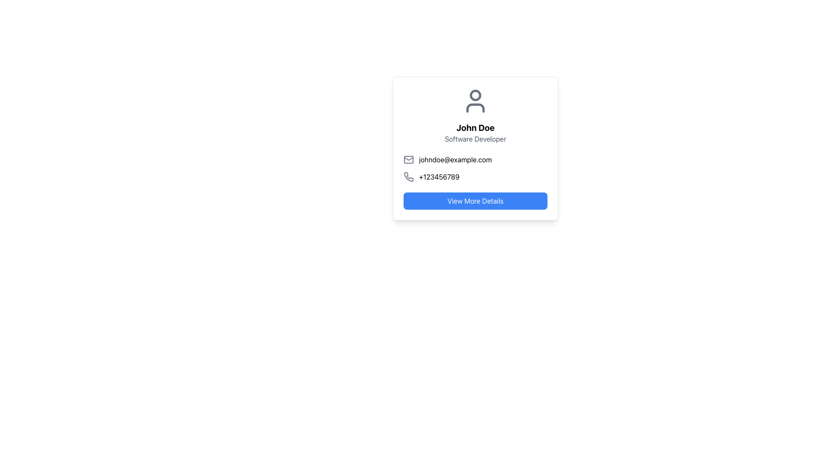  What do you see at coordinates (475, 107) in the screenshot?
I see `the Decorative graphical element that visually represents the body's base in the person-like icon, located near the top center of the card` at bounding box center [475, 107].